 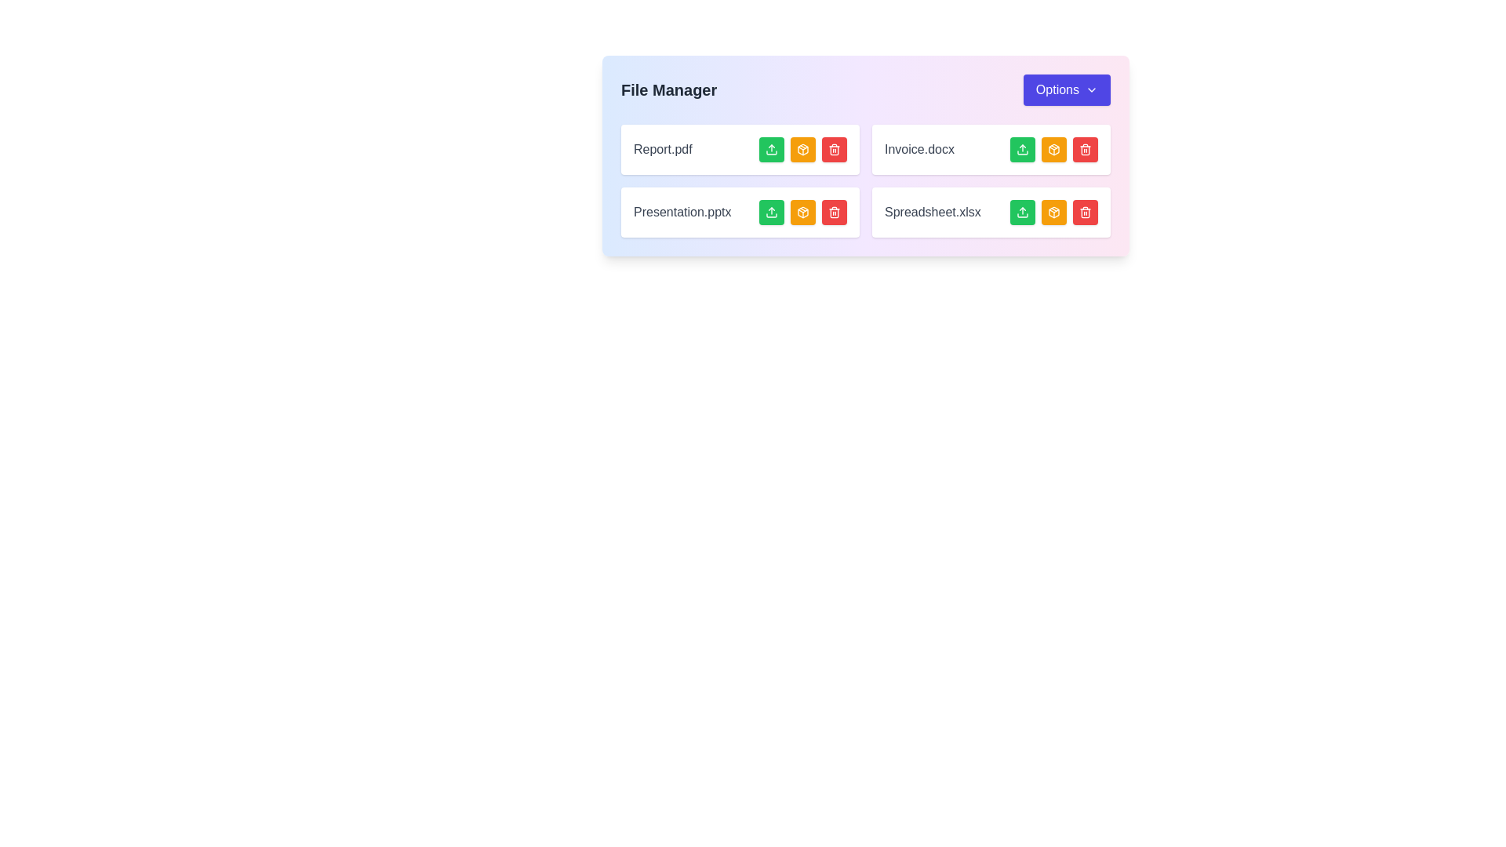 I want to click on the green button with rounded corners and an upload arrow icon, located below the 'File Manager' label, so click(x=771, y=150).